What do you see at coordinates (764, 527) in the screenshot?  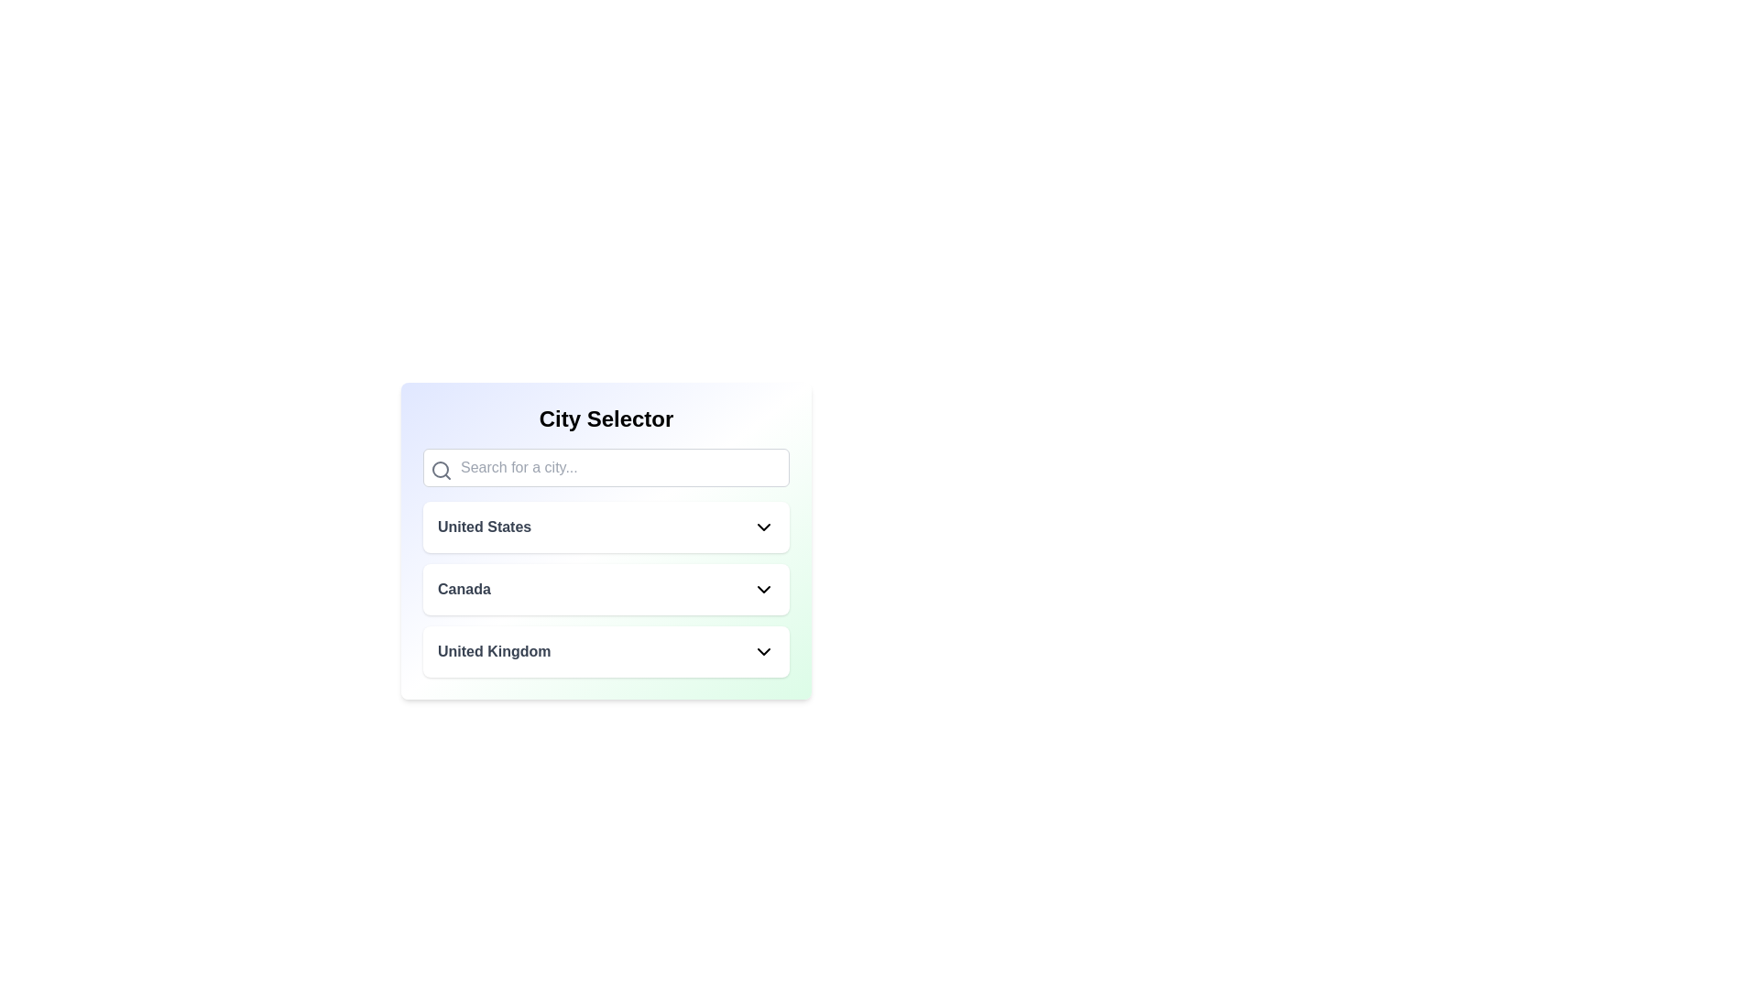 I see `the downward-pointing chevron icon button located to the right of the 'United States' text label in the dropdown menu` at bounding box center [764, 527].